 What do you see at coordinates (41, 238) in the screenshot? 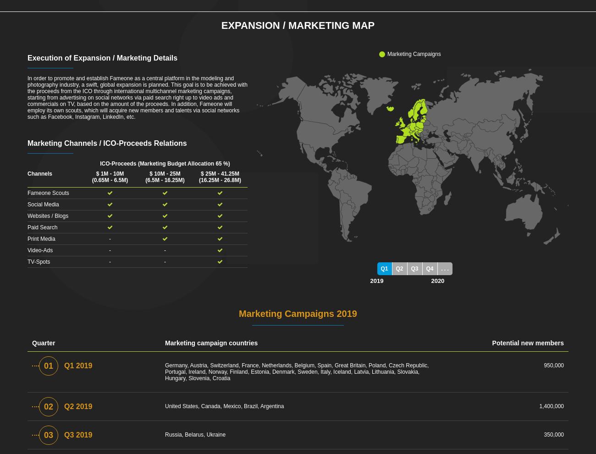
I see `'Print Media'` at bounding box center [41, 238].